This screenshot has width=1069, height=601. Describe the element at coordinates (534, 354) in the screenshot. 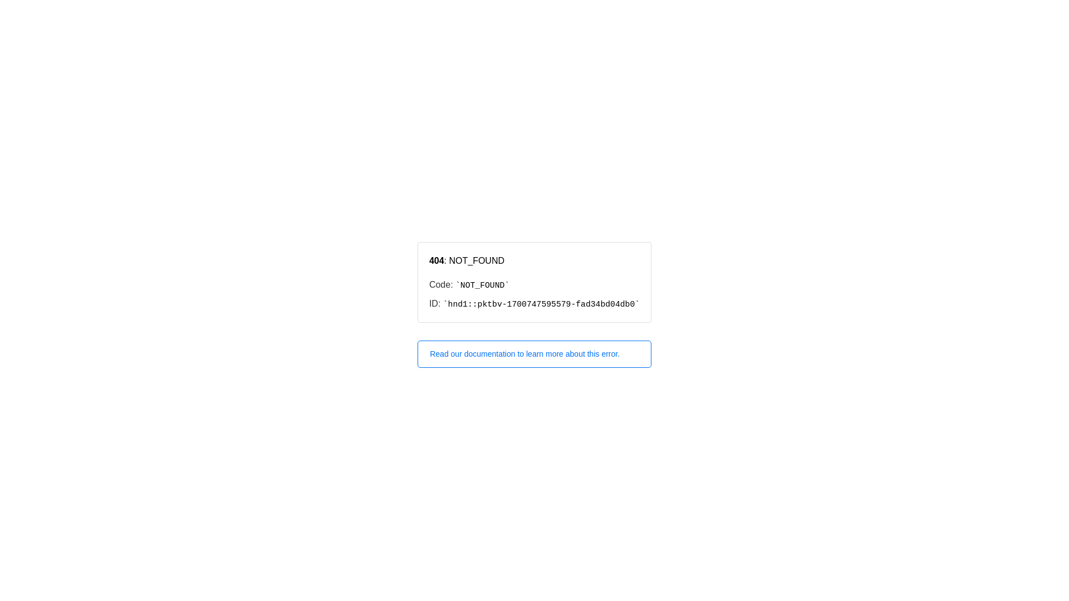

I see `'Read our documentation to learn more about this error.'` at that location.